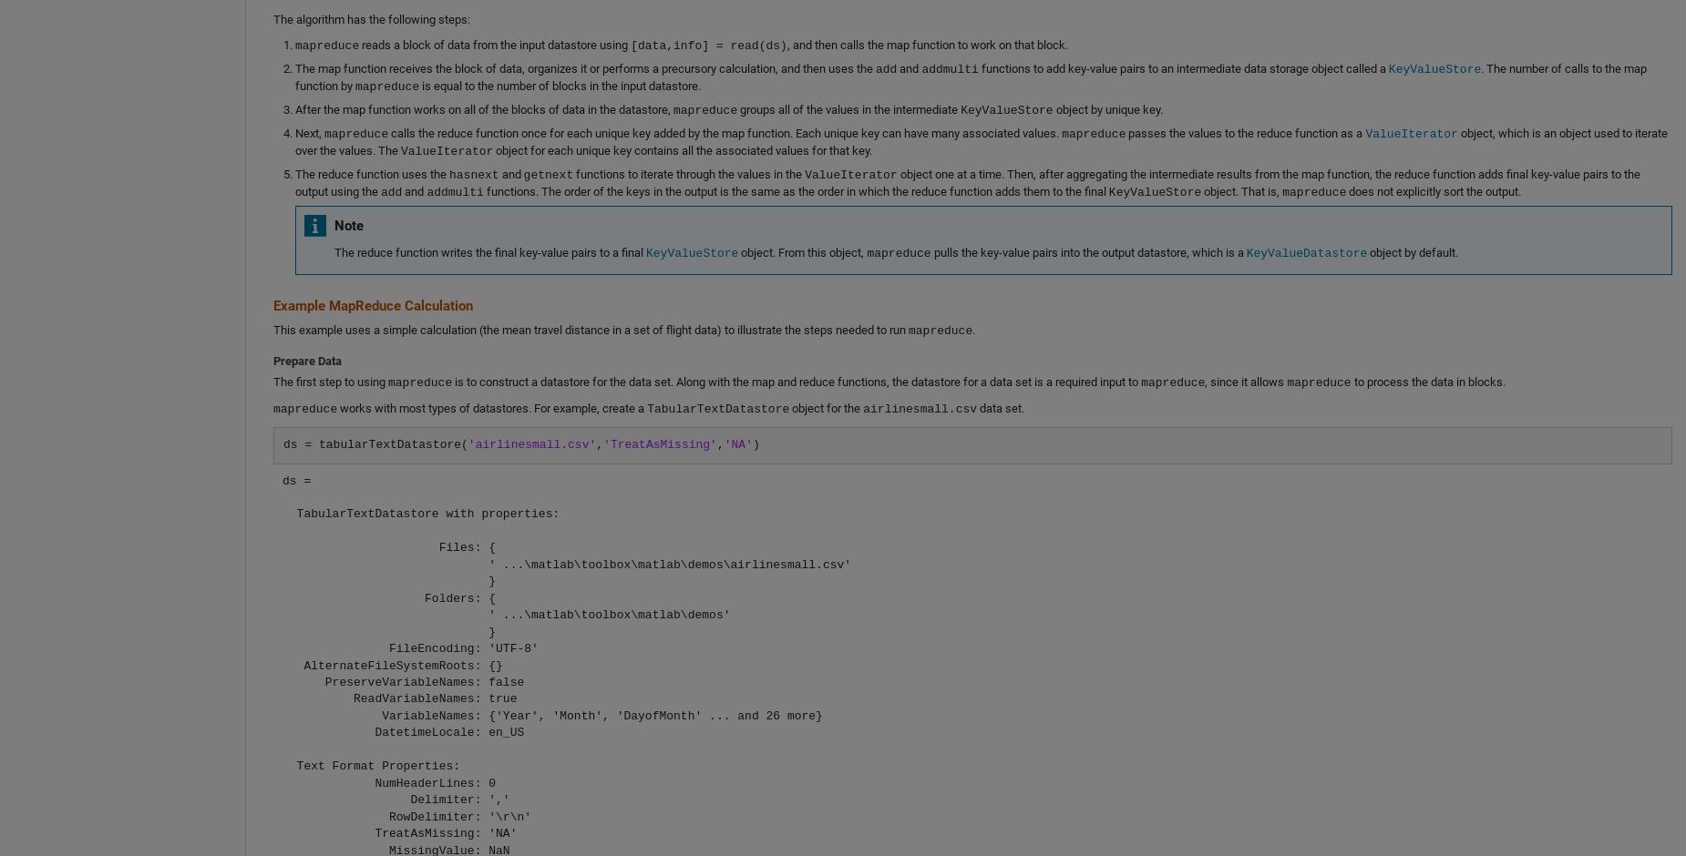 The height and width of the screenshot is (856, 1686). Describe the element at coordinates (309, 131) in the screenshot. I see `'Next,'` at that location.